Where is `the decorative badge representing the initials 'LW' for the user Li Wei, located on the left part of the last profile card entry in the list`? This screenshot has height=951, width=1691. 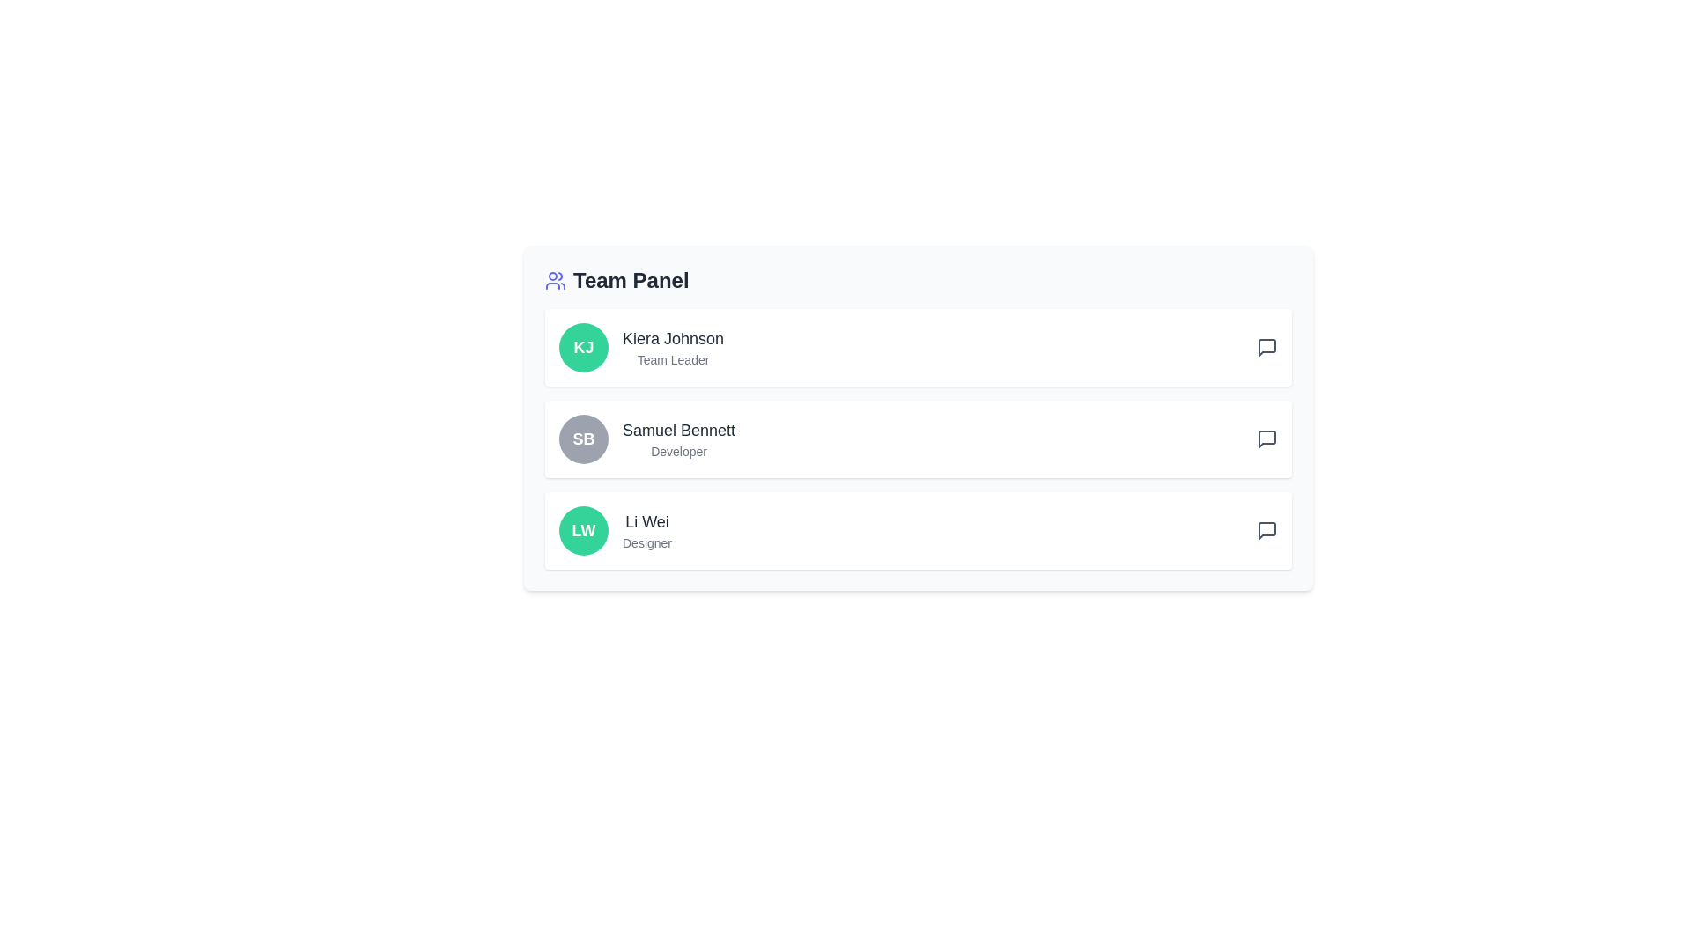
the decorative badge representing the initials 'LW' for the user Li Wei, located on the left part of the last profile card entry in the list is located at coordinates (583, 529).